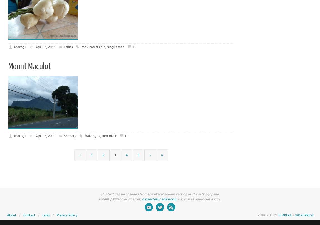  I want to click on 'Privacy Policy', so click(67, 215).